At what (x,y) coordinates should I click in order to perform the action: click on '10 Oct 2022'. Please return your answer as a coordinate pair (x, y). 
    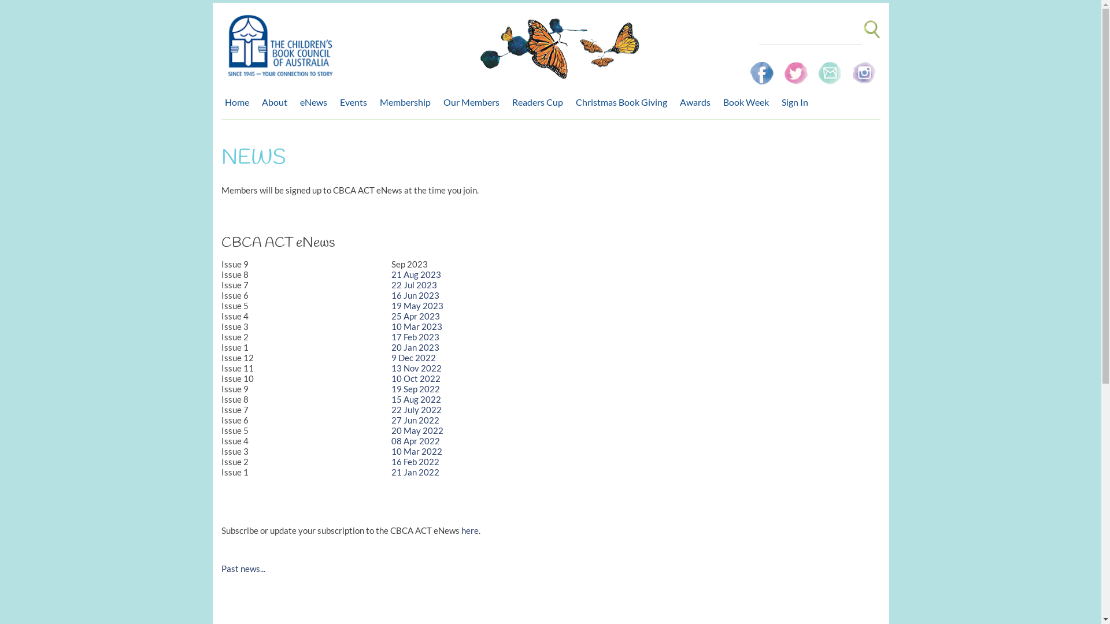
    Looking at the image, I should click on (416, 378).